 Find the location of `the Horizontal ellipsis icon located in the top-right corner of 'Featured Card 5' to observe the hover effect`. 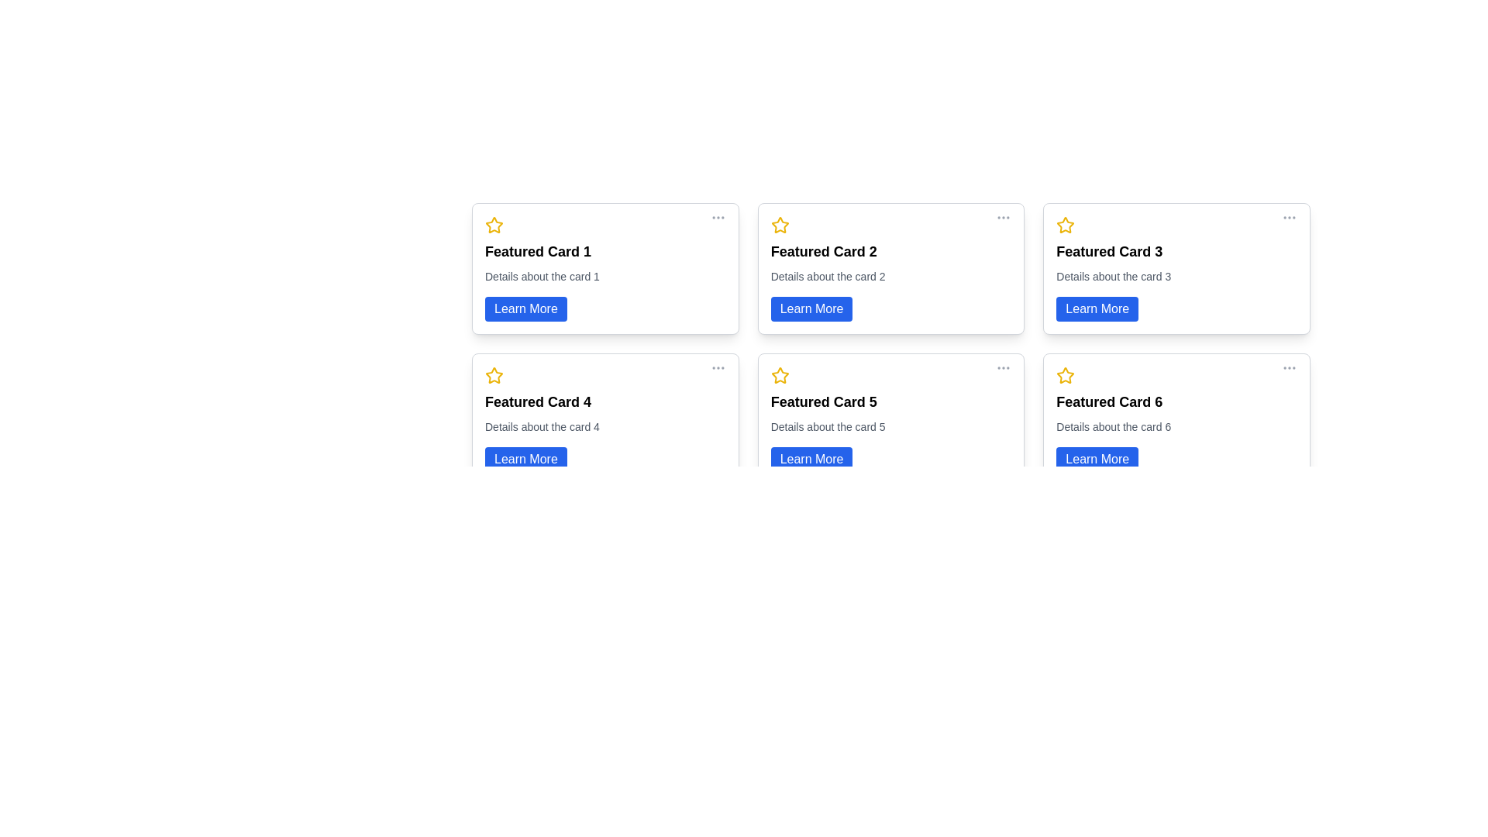

the Horizontal ellipsis icon located in the top-right corner of 'Featured Card 5' to observe the hover effect is located at coordinates (1004, 367).